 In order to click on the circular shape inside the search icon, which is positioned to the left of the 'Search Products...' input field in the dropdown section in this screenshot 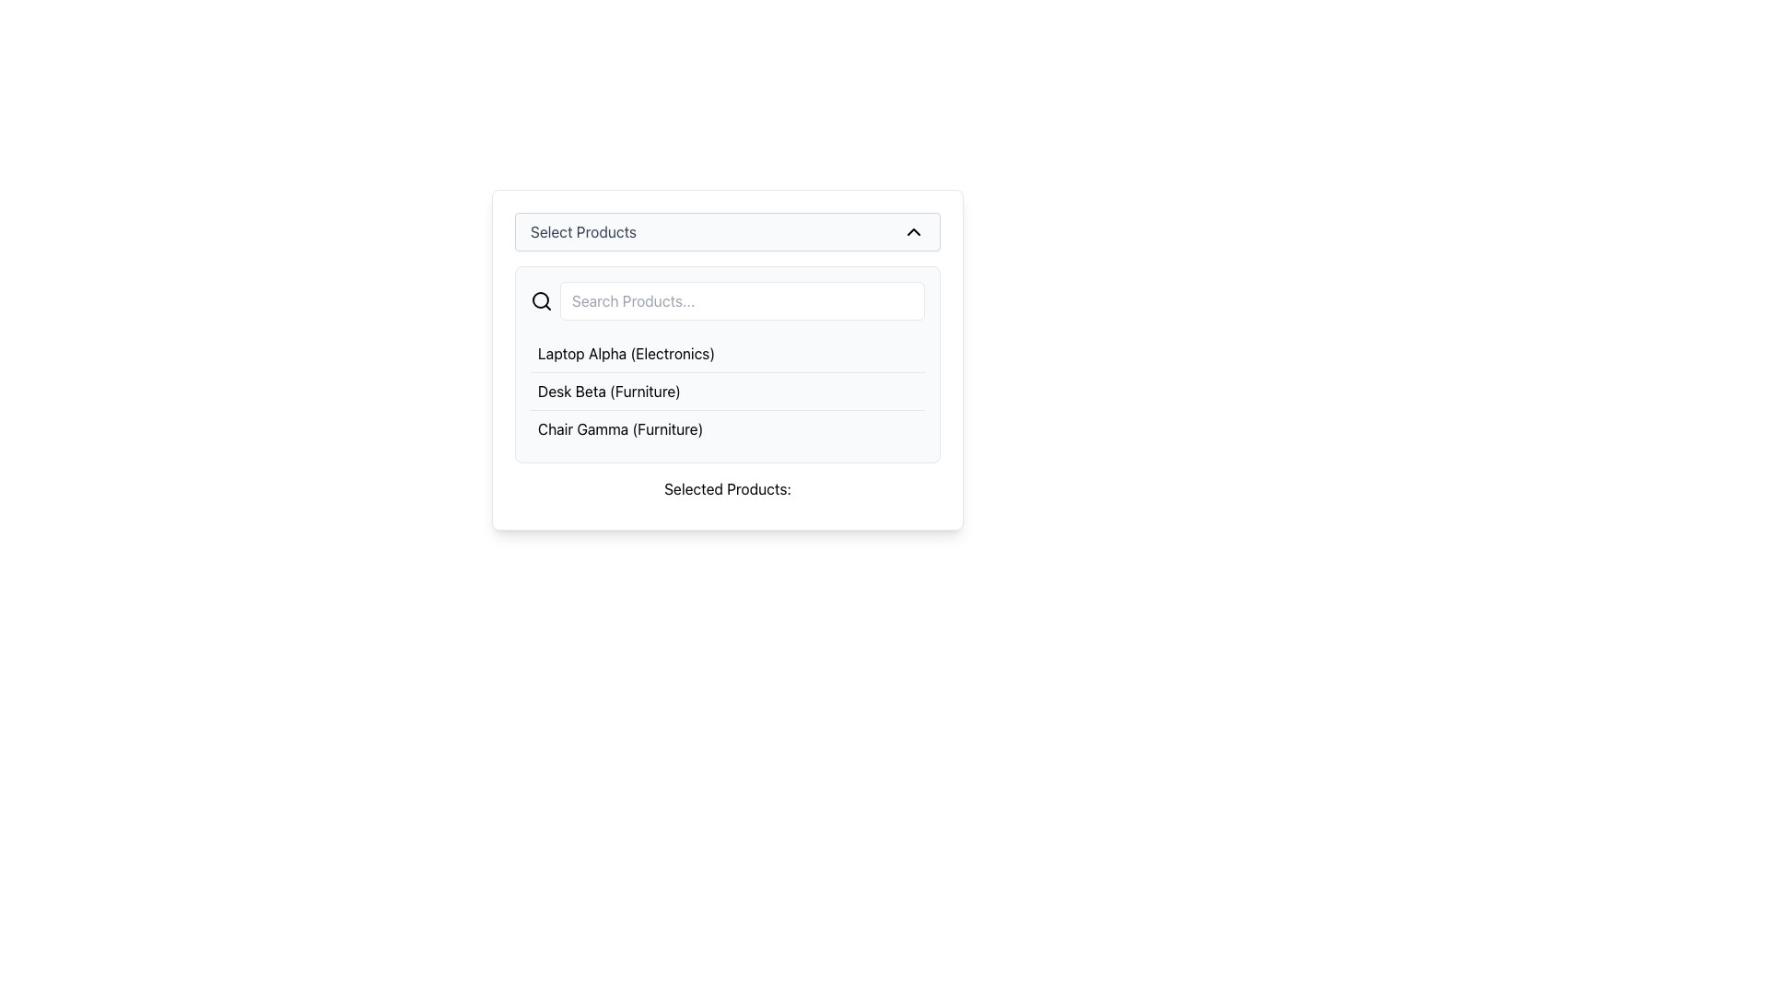, I will do `click(539, 299)`.